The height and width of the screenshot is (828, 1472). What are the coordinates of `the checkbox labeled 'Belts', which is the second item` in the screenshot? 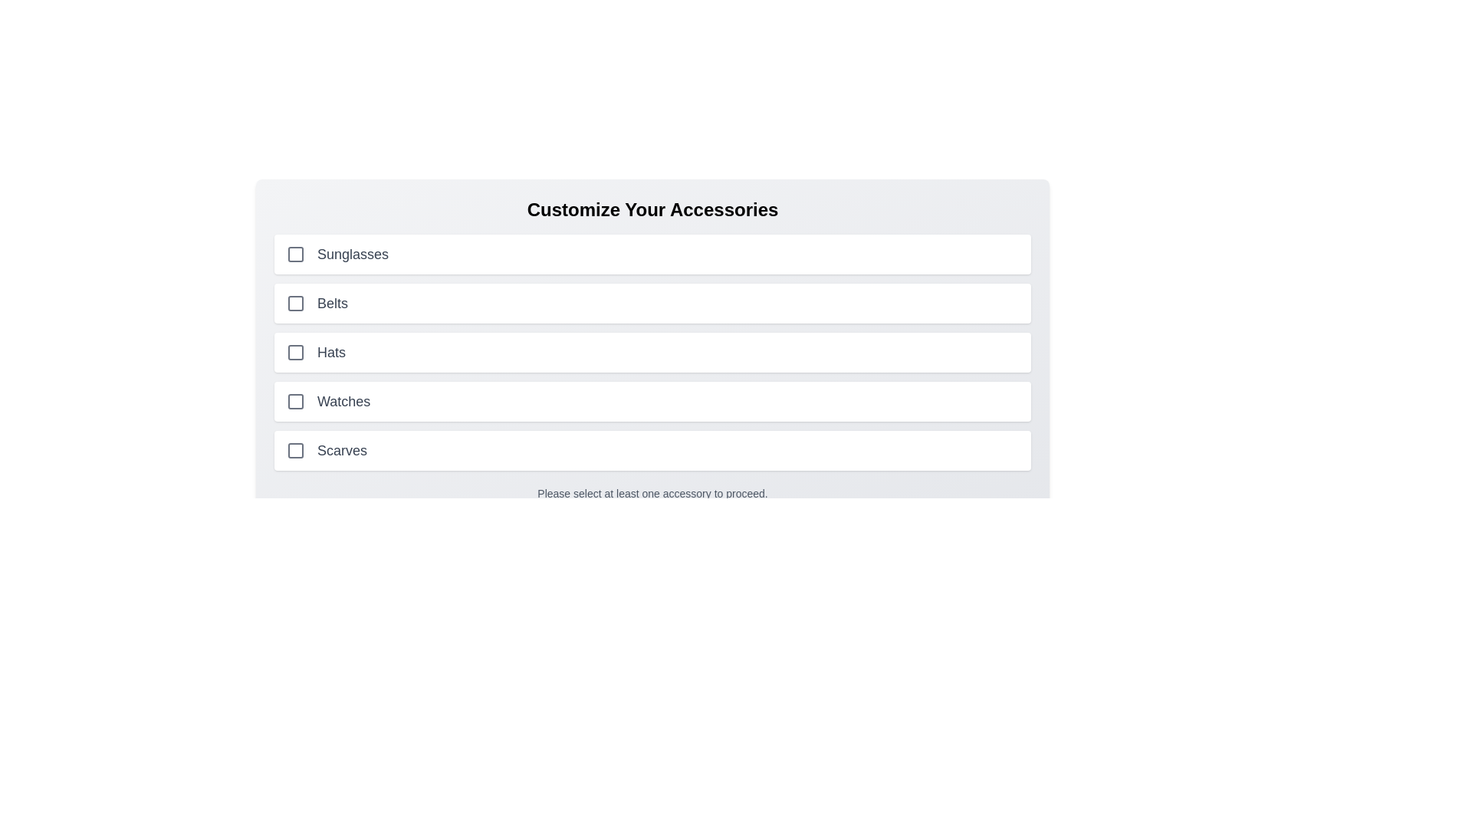 It's located at (295, 304).